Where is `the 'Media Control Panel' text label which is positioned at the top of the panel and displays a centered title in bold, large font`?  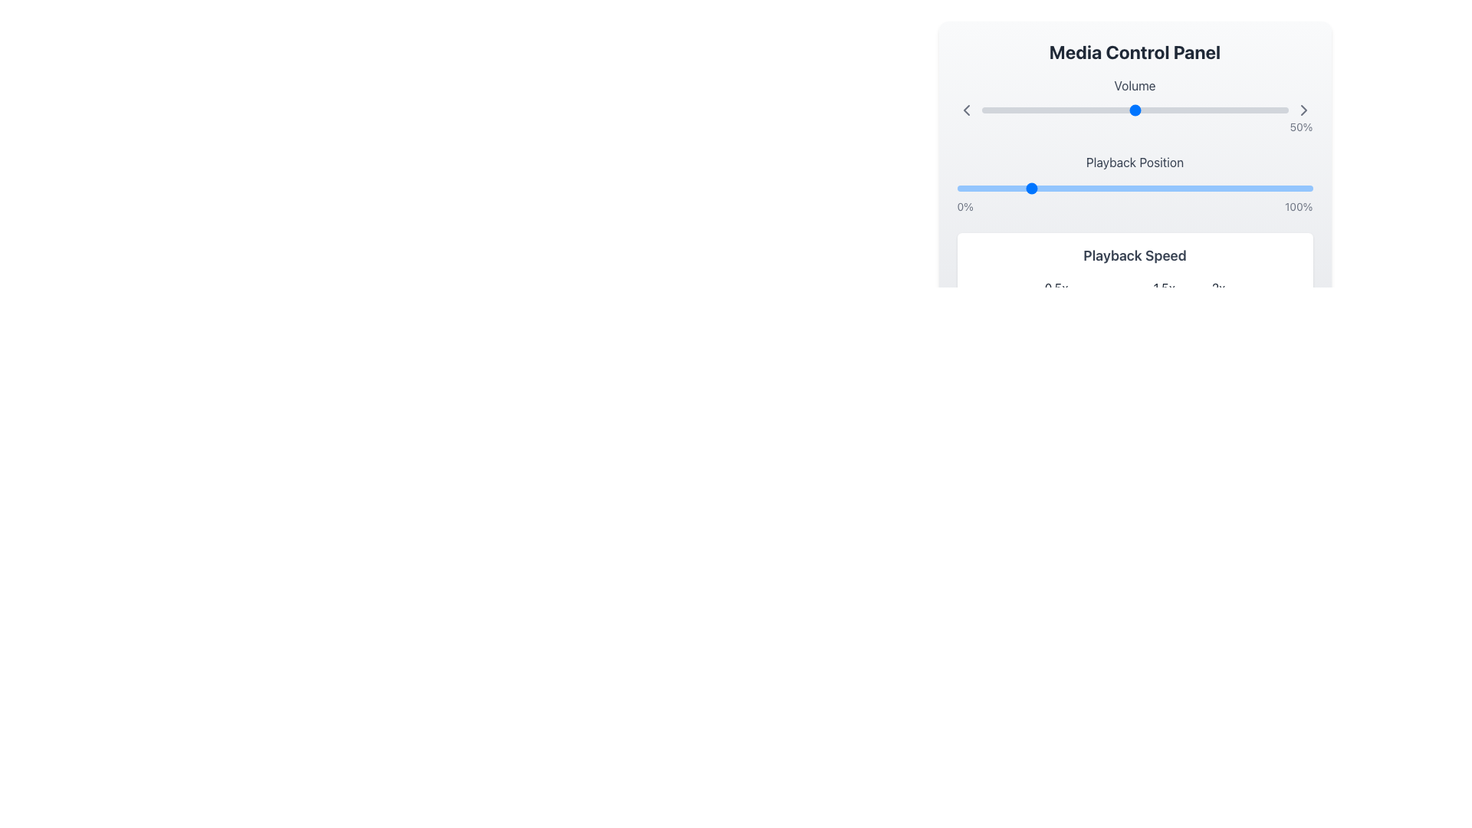
the 'Media Control Panel' text label which is positioned at the top of the panel and displays a centered title in bold, large font is located at coordinates (1135, 51).